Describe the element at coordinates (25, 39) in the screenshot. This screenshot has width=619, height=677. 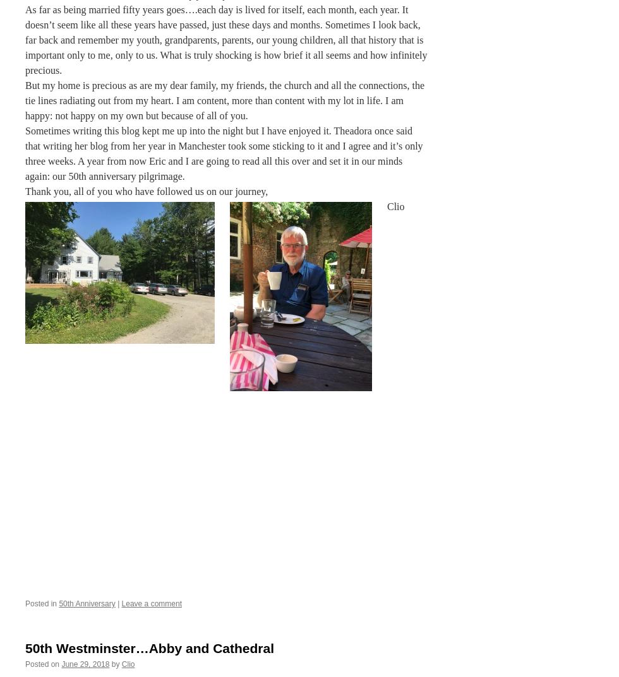
I see `'As far as being married fifty years goes….each day is lived for itself, each month, each year. It doesn’t seem like all these years have passed, just these days and months. Sometimes I look back, far back and remember my youth, grandparents, parents, our young children, all that history that is important only to me, only to us. What is truly shocking is how brief it all seems and how infinitely precious.'` at that location.